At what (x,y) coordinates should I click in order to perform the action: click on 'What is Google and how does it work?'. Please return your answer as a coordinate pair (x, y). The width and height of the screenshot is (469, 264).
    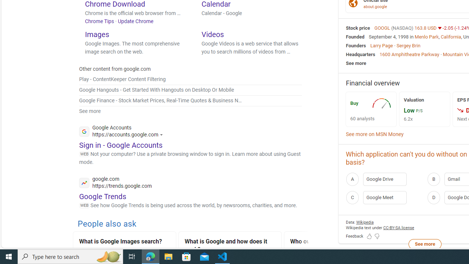
    Looking at the image, I should click on (230, 246).